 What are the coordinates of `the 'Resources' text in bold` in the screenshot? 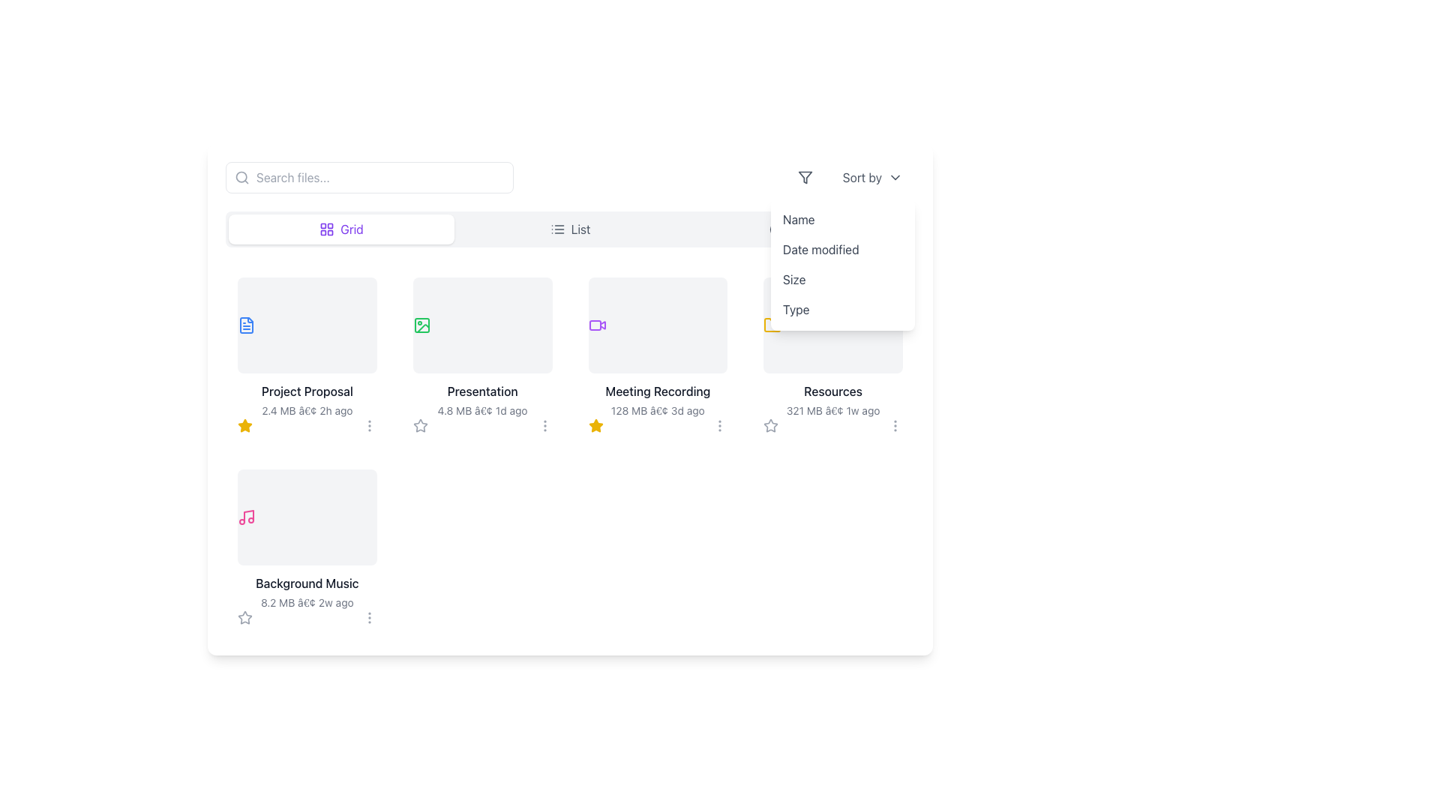 It's located at (832, 399).